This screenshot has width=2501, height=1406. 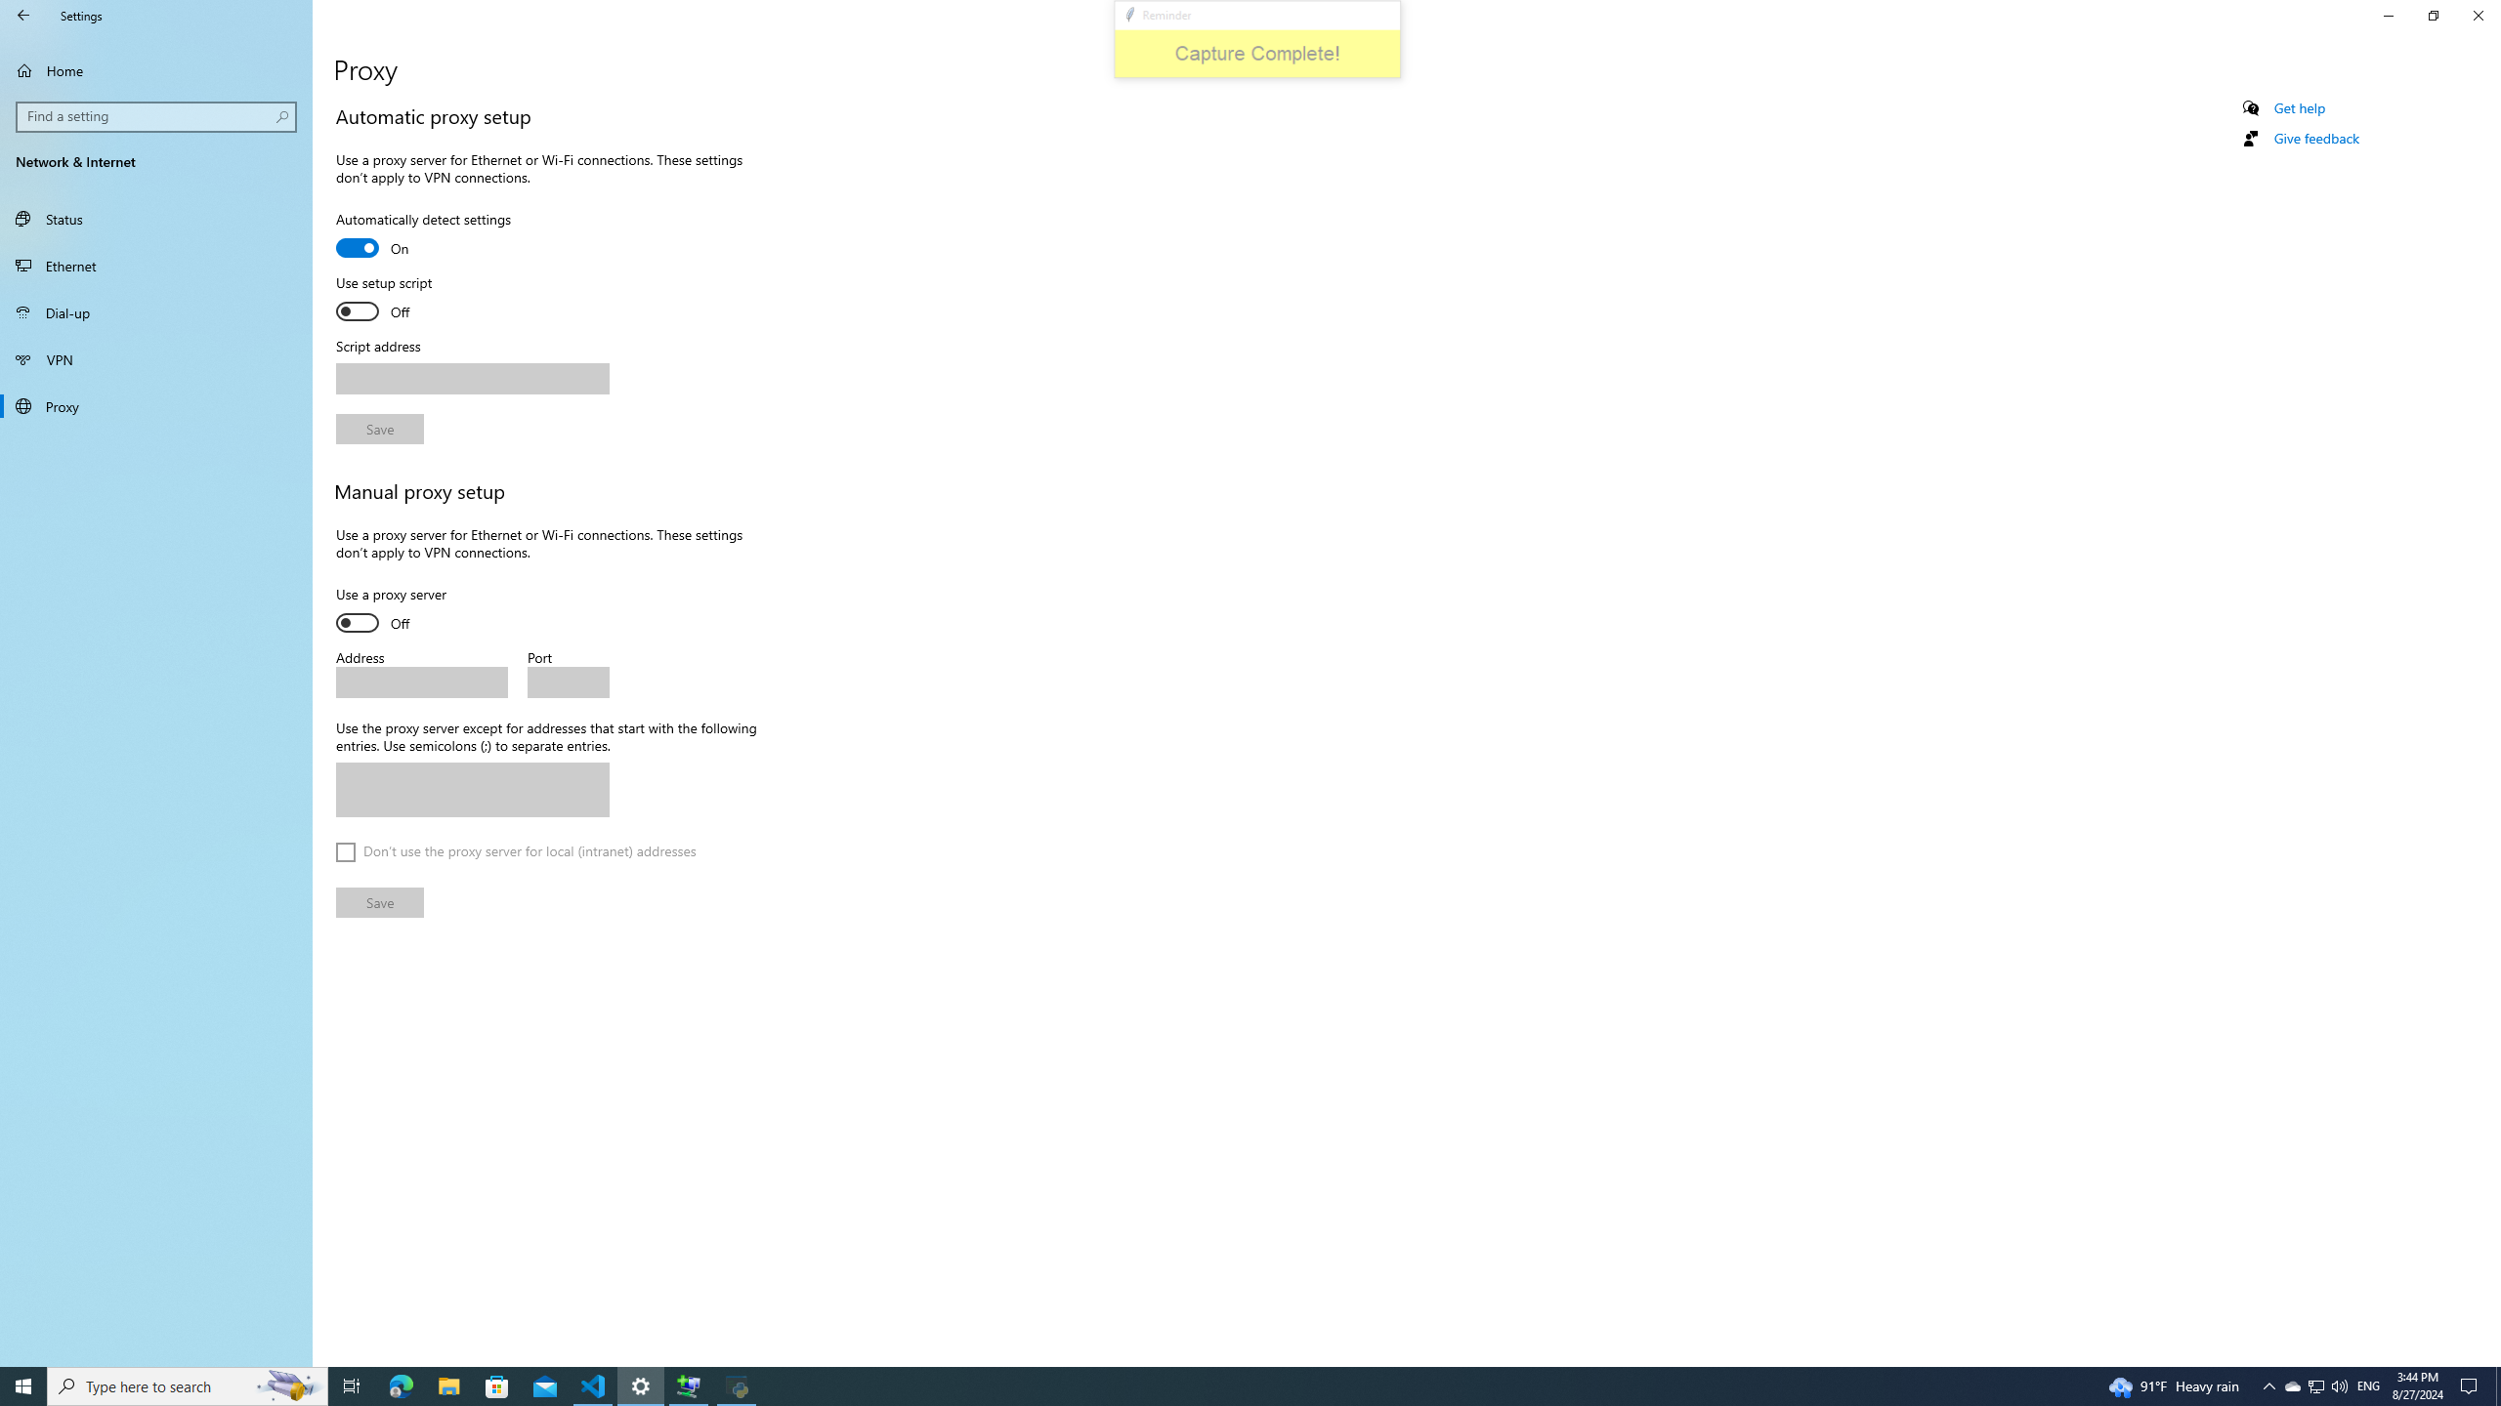 I want to click on 'Home', so click(x=155, y=70).